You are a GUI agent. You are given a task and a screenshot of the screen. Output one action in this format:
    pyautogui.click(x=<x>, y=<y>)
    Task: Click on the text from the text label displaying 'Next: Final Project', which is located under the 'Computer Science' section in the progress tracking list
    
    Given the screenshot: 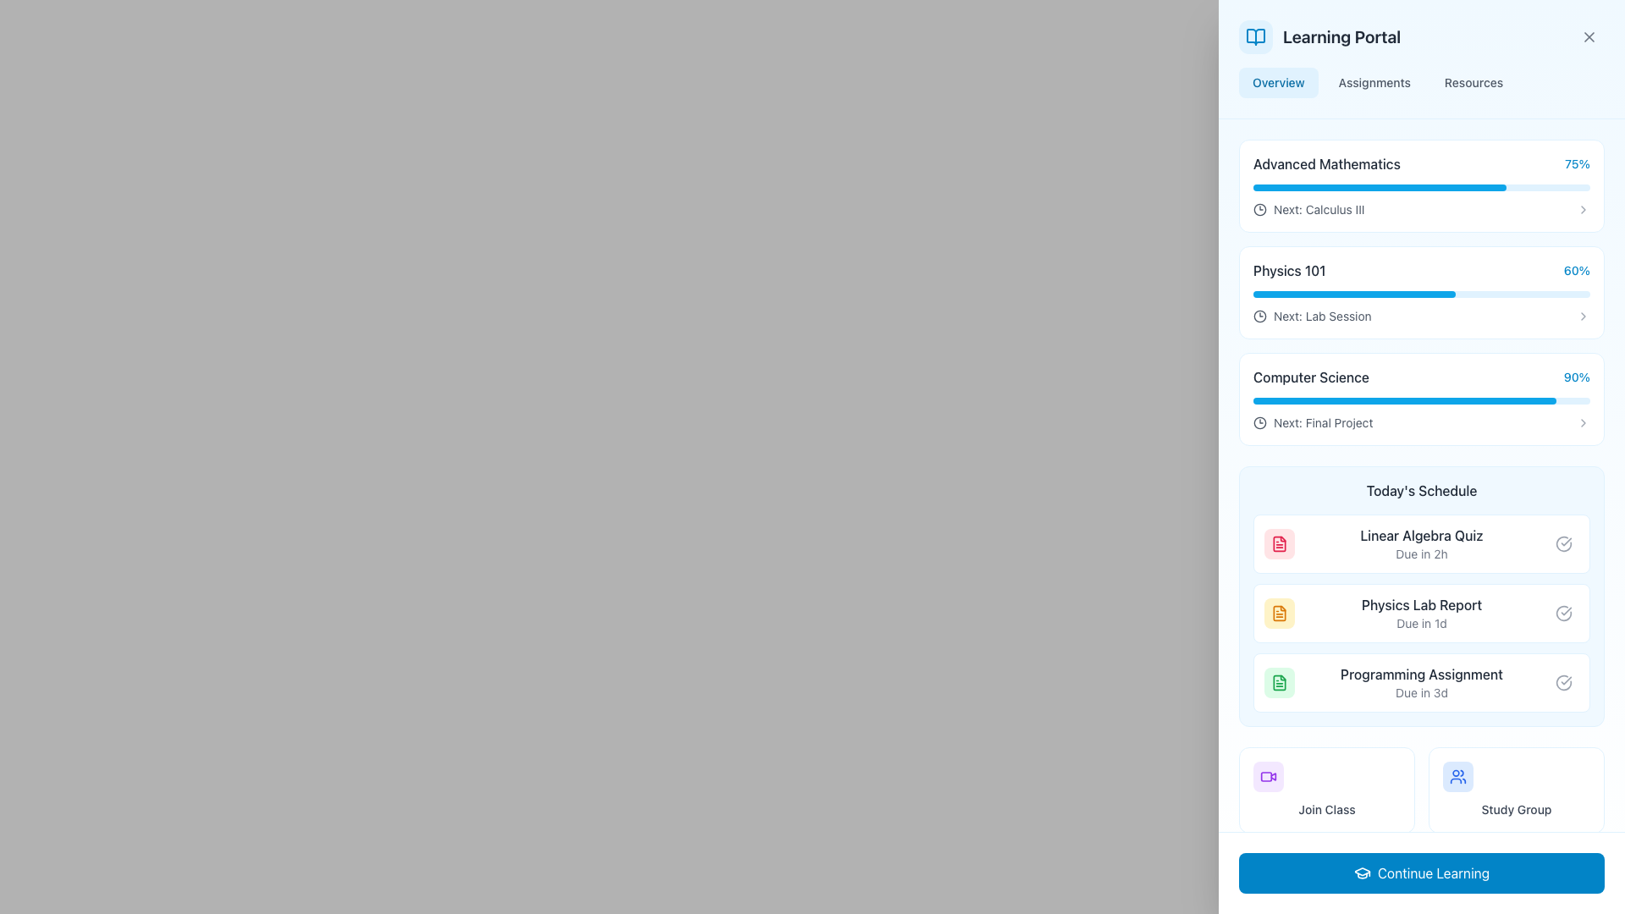 What is the action you would take?
    pyautogui.click(x=1322, y=422)
    